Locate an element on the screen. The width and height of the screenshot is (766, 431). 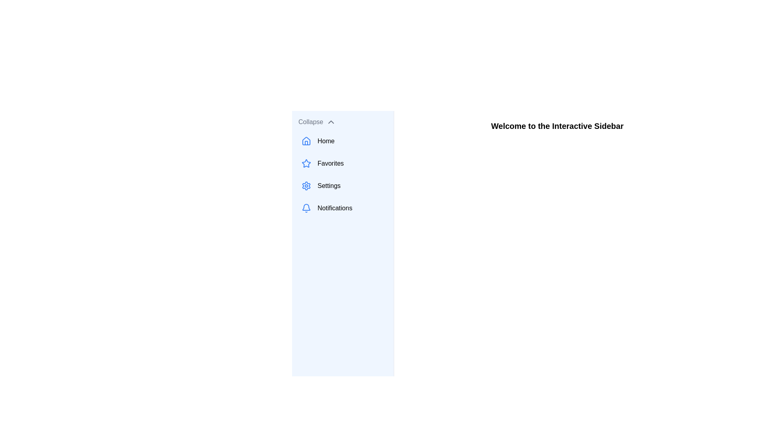
the label indicating the current state of the expandable menu located in the sidebar at the top-left corner, to the left of the chevron-up icon is located at coordinates (310, 122).